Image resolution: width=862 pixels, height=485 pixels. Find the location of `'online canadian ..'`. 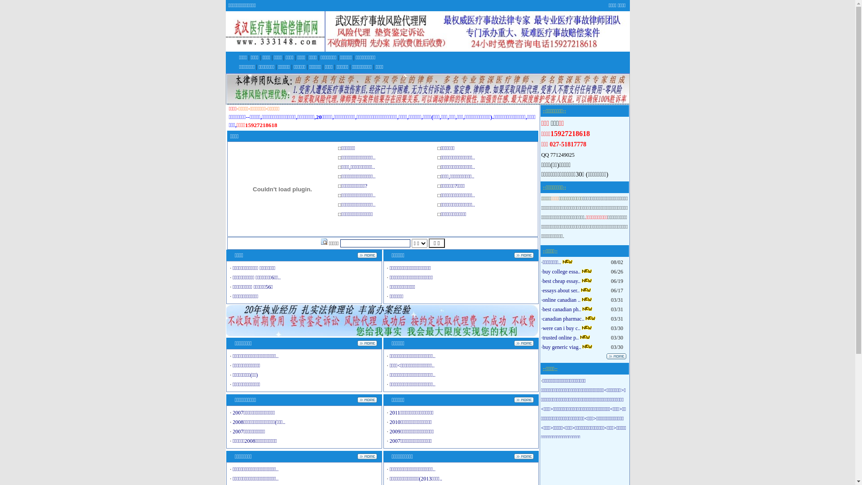

'online canadian ..' is located at coordinates (561, 300).